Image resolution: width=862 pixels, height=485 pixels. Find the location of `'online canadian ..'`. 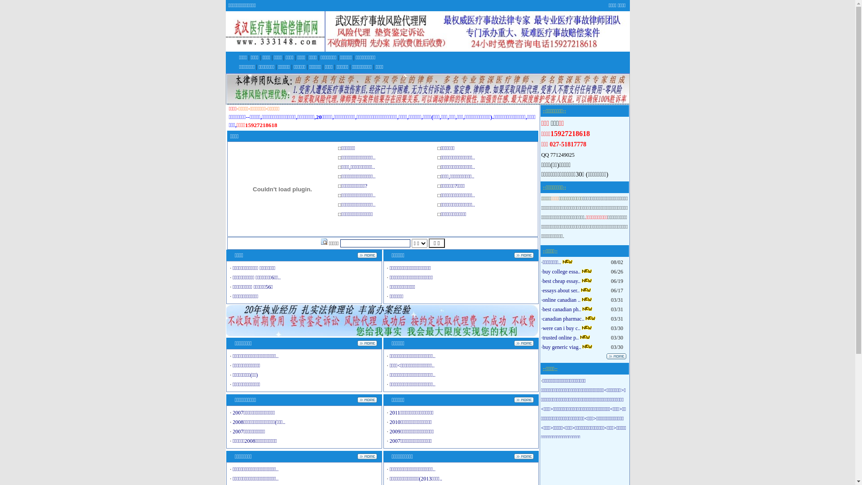

'online canadian ..' is located at coordinates (561, 300).